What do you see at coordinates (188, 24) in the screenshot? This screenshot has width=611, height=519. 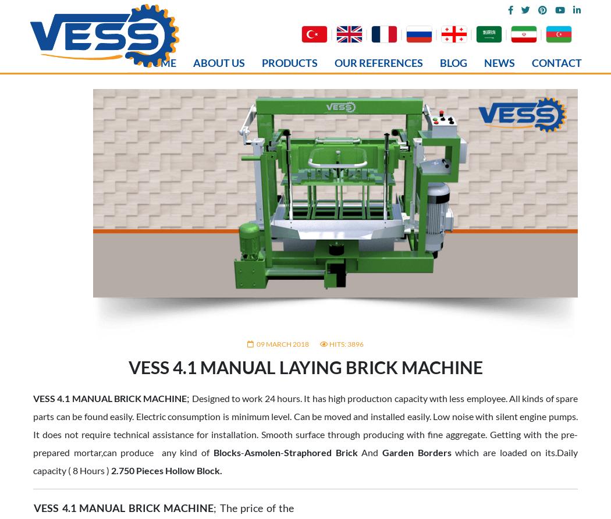 I see `';'` at bounding box center [188, 24].